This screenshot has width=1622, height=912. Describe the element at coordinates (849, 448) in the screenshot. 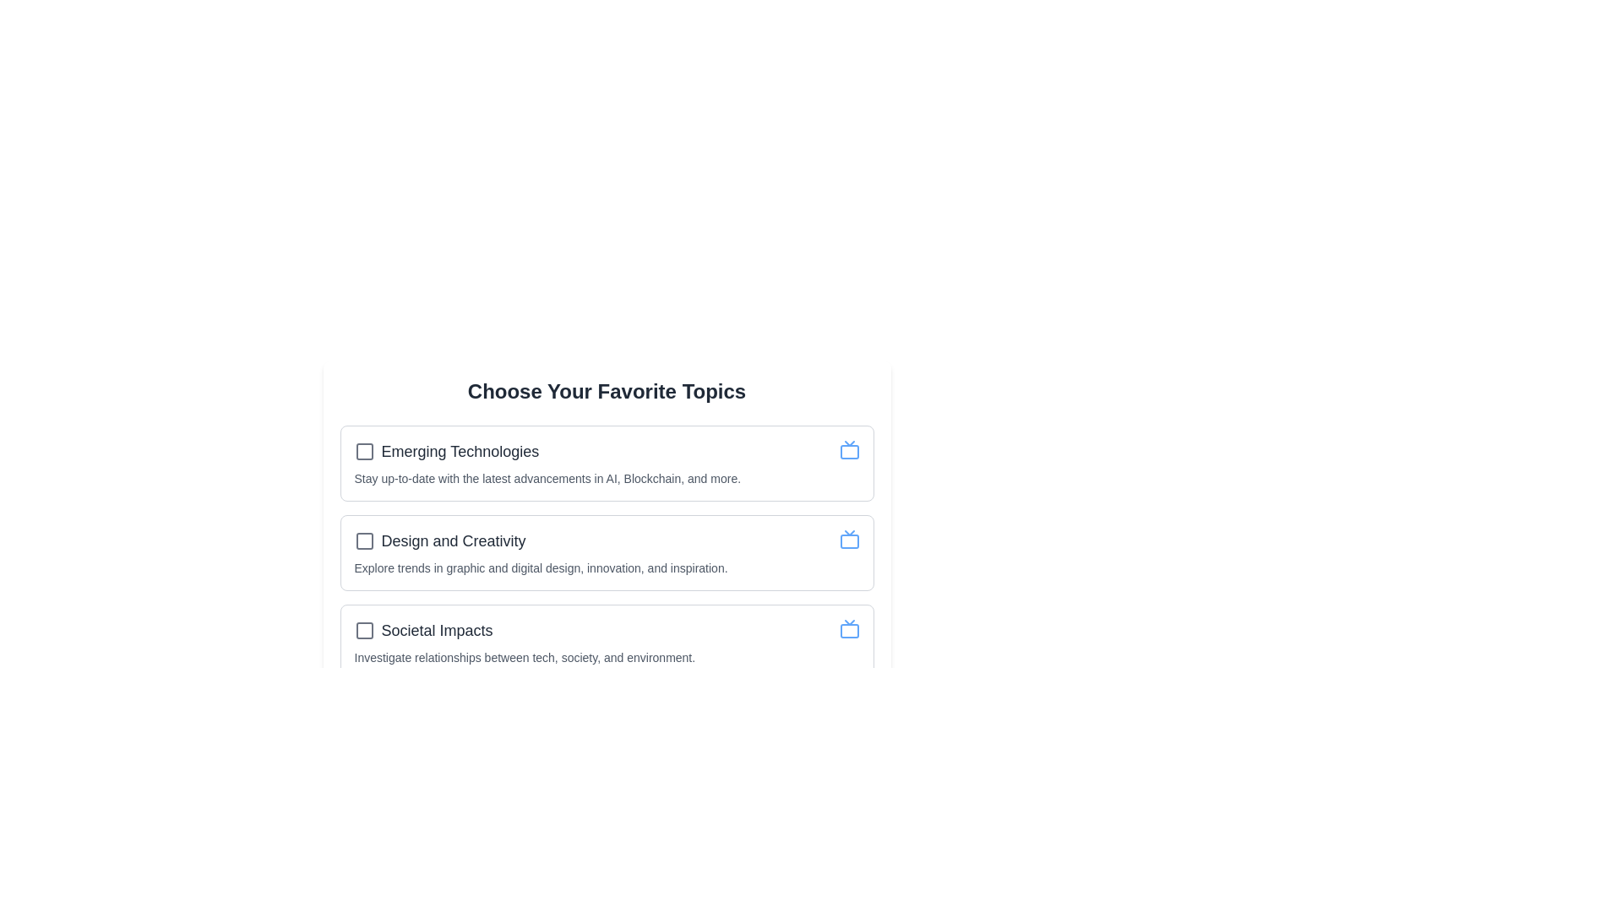

I see `the icon representing 'Emerging Technologies' located on the far right of the corresponding row, aligned with its textual description` at that location.